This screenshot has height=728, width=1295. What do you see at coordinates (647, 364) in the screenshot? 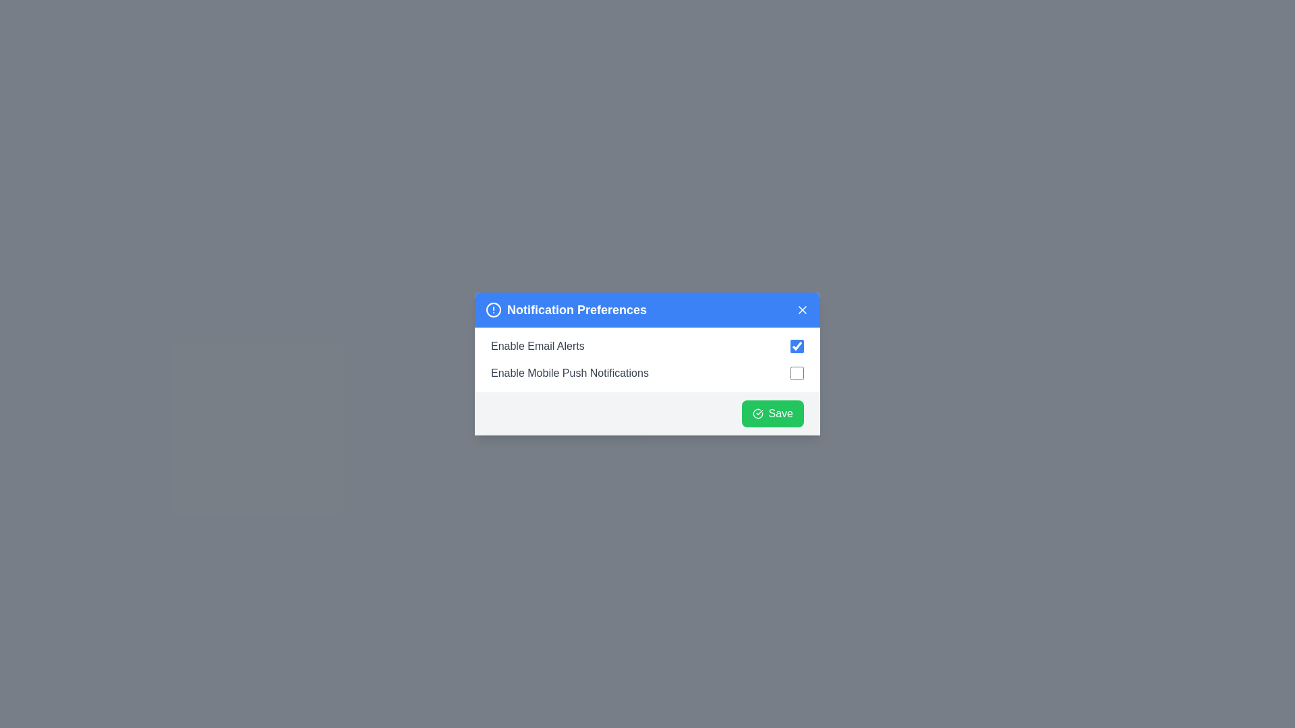
I see `the checkbox labeled 'Enable Mobile Push Notifications'` at bounding box center [647, 364].